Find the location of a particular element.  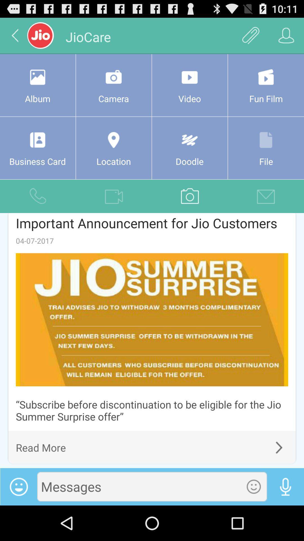

the emoji icon is located at coordinates (18, 521).